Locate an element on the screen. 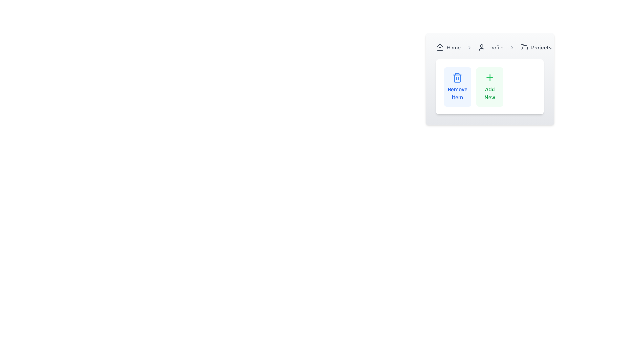 The image size is (630, 354). the hollow house outline icon located at the far left of the navigation bar next to the 'Home' label is located at coordinates (440, 47).